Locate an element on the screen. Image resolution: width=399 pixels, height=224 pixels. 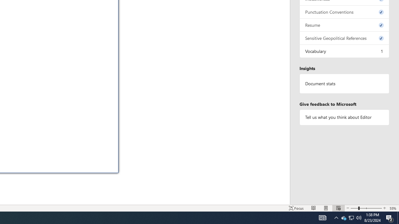
'Document statistics' is located at coordinates (344, 83).